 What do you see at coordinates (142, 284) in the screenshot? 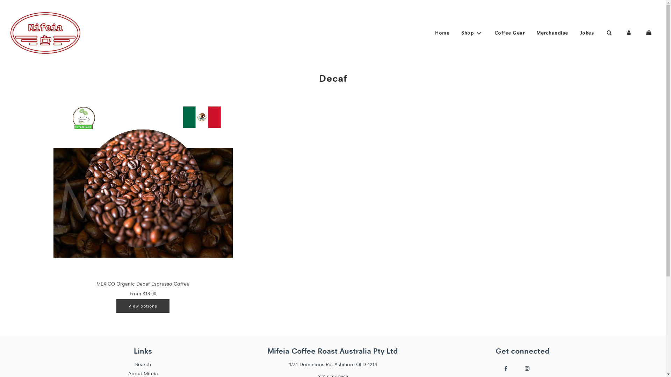
I see `'MEXICO Organic Decaf Espresso Coffee'` at bounding box center [142, 284].